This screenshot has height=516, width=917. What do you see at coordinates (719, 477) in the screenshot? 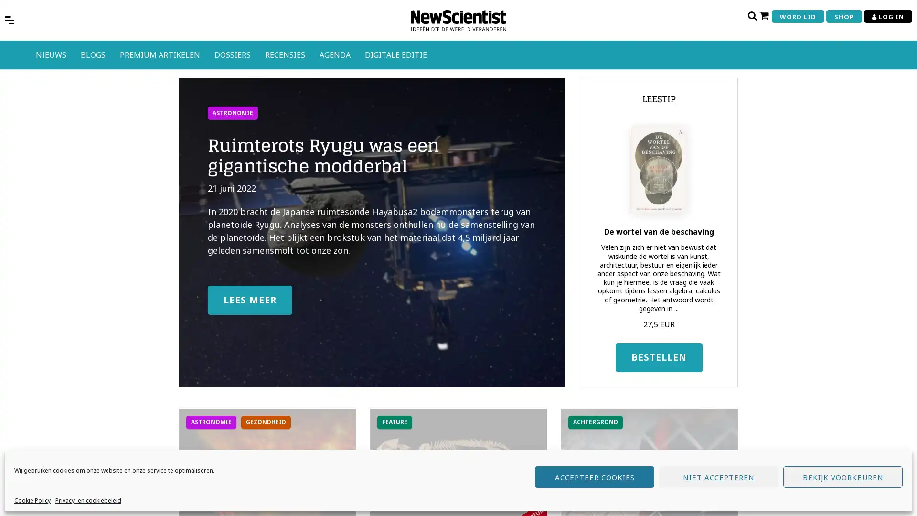
I see `NIET ACCEPTEREN` at bounding box center [719, 477].